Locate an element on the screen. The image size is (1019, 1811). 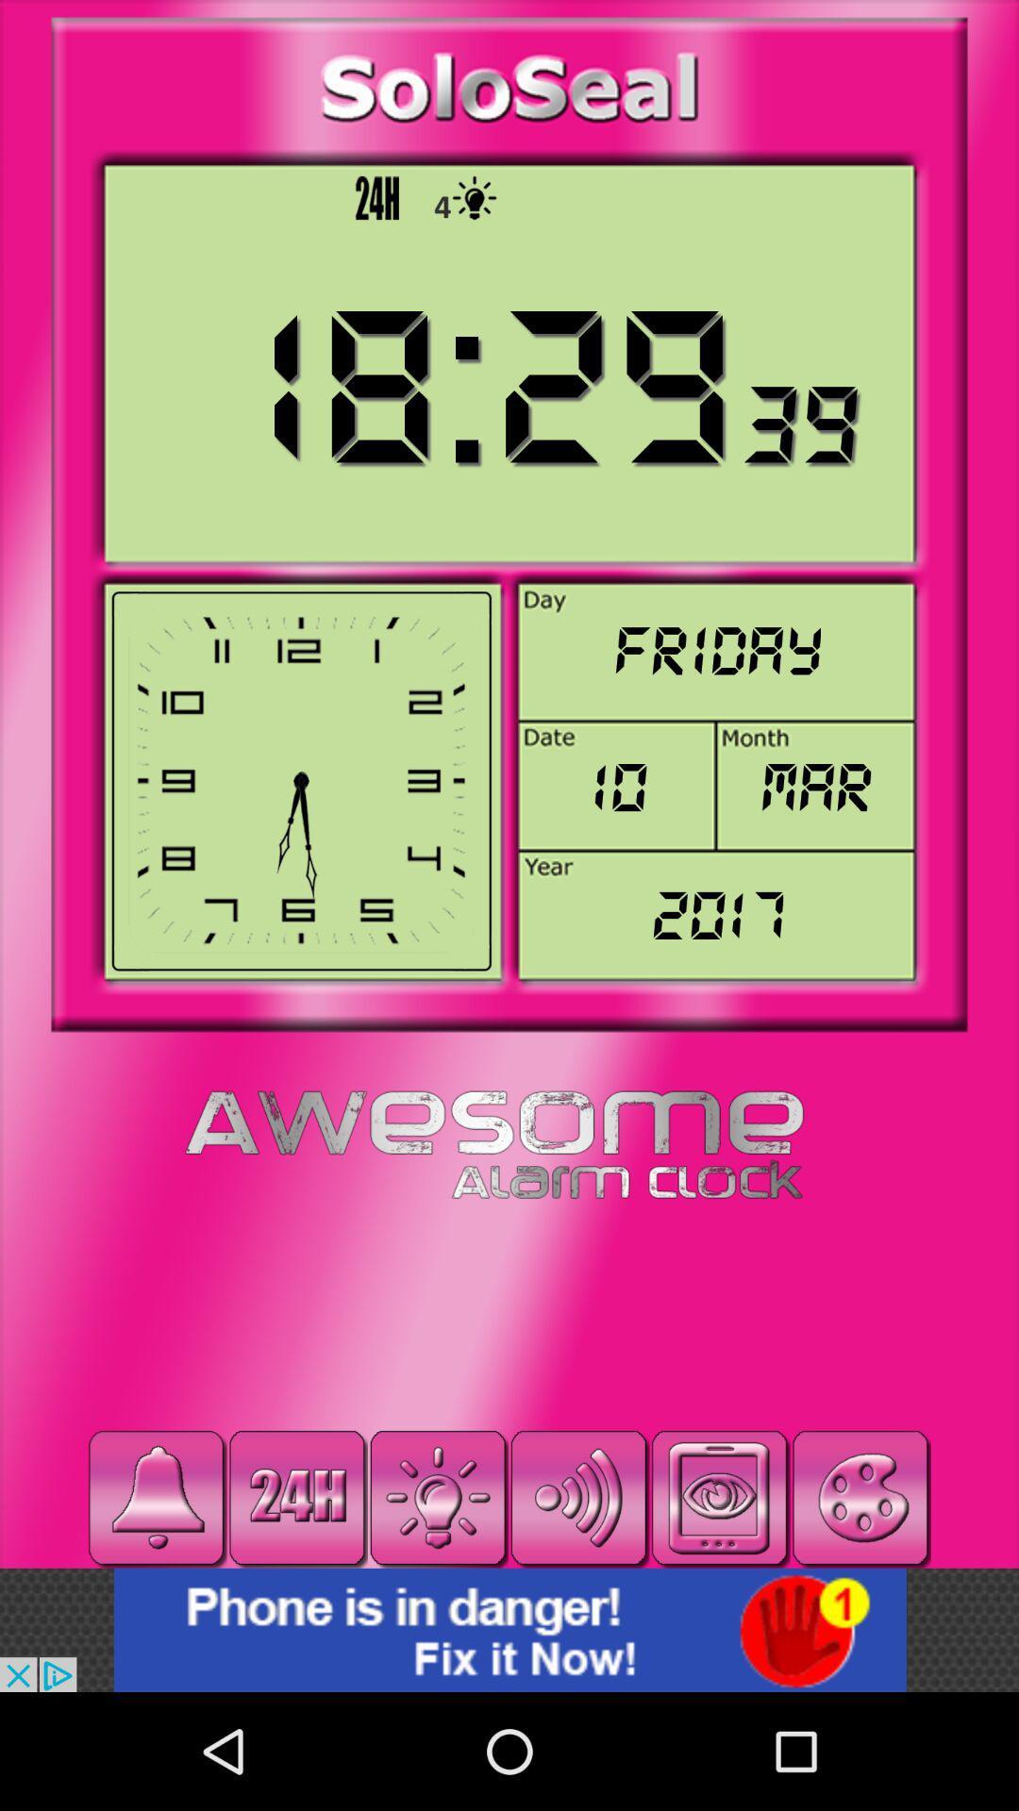
torch light button is located at coordinates (438, 1497).